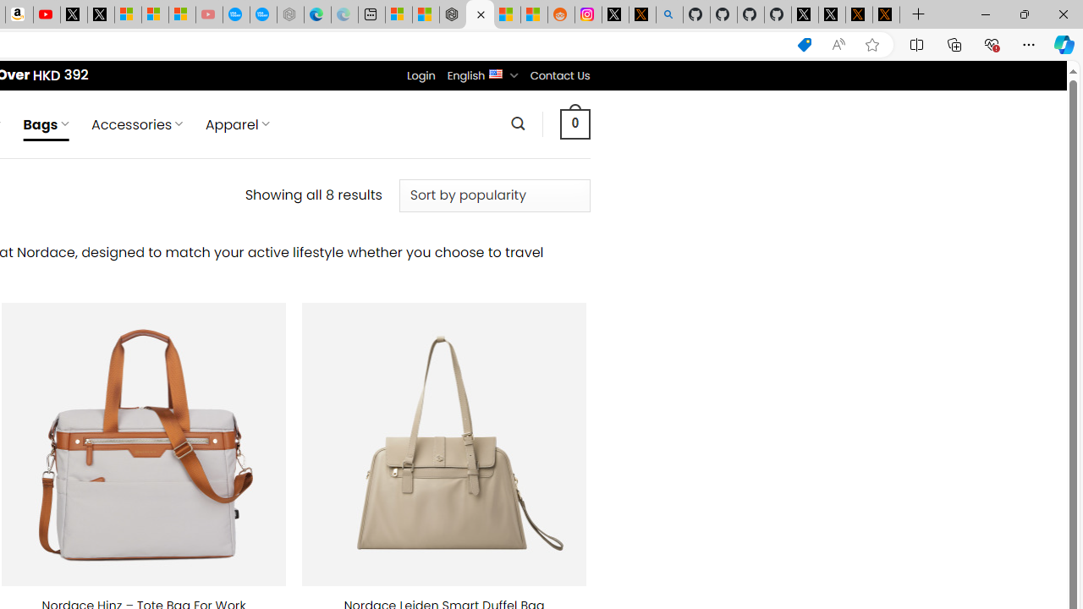 This screenshot has width=1083, height=609. Describe the element at coordinates (262, 14) in the screenshot. I see `'The most popular Google '` at that location.